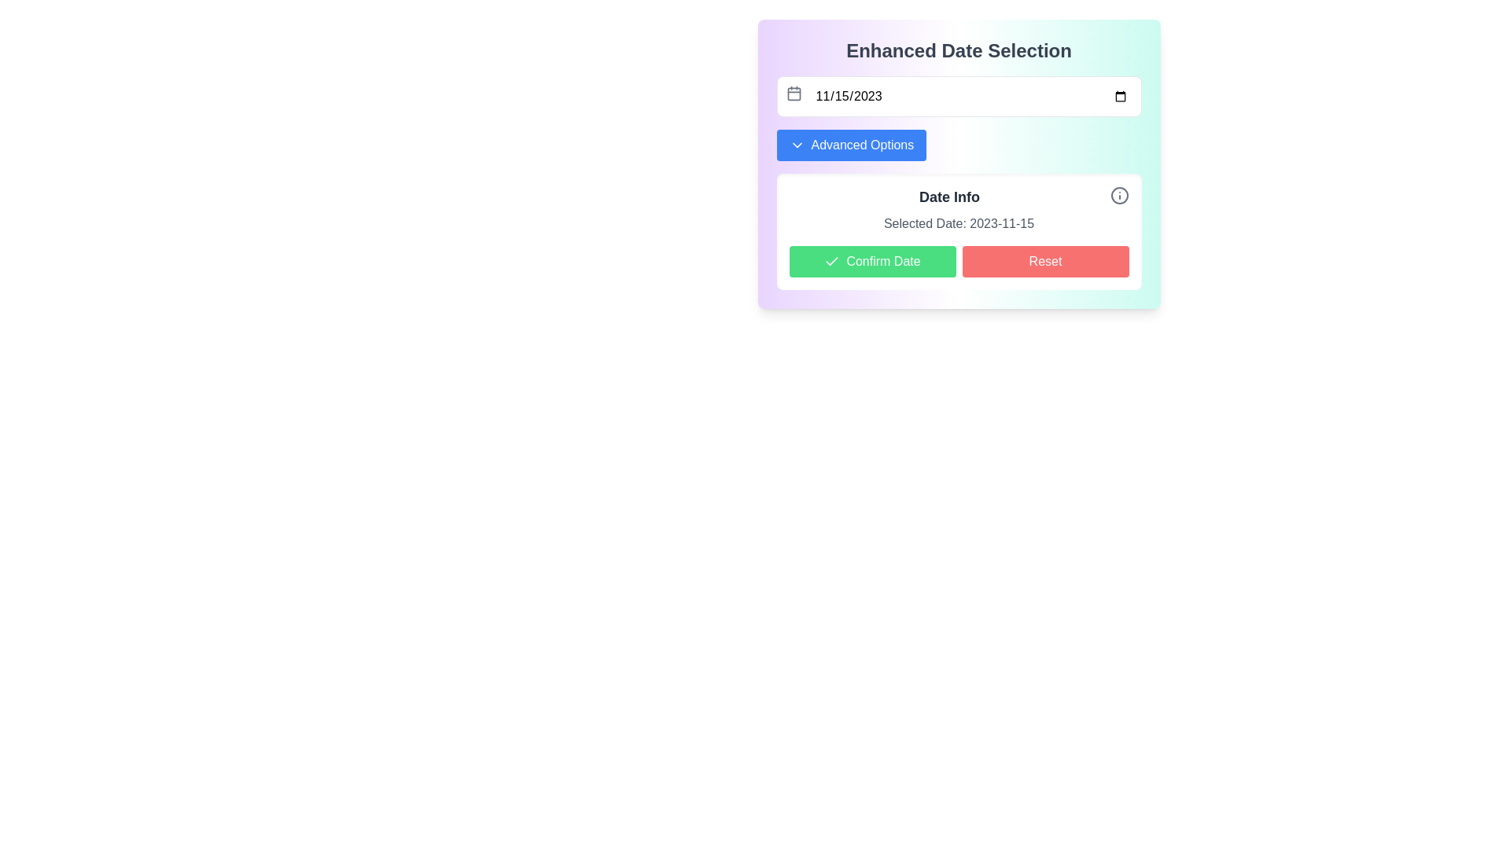 Image resolution: width=1510 pixels, height=849 pixels. Describe the element at coordinates (831, 260) in the screenshot. I see `the checkmark icon located to the left of the 'Confirm Date' button, which serves as a confirmation indicator` at that location.